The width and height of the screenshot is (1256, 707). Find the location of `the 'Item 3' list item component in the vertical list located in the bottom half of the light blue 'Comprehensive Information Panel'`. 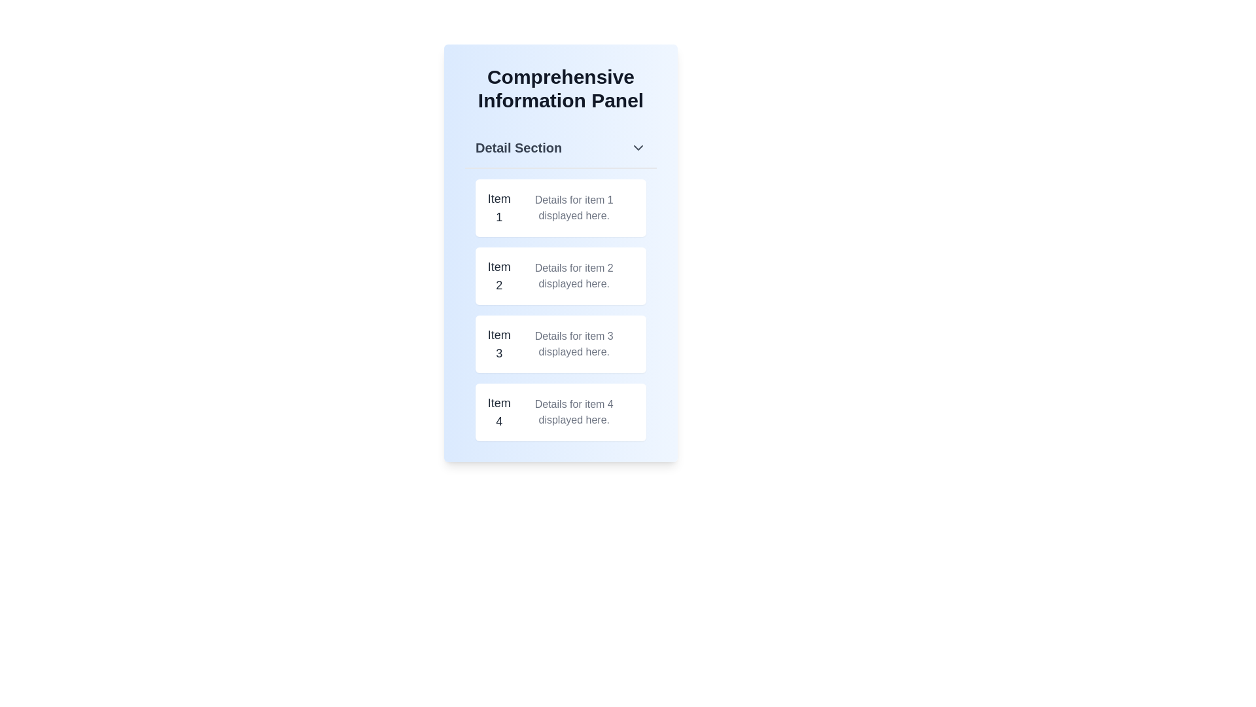

the 'Item 3' list item component in the vertical list located in the bottom half of the light blue 'Comprehensive Information Panel' is located at coordinates (561, 310).